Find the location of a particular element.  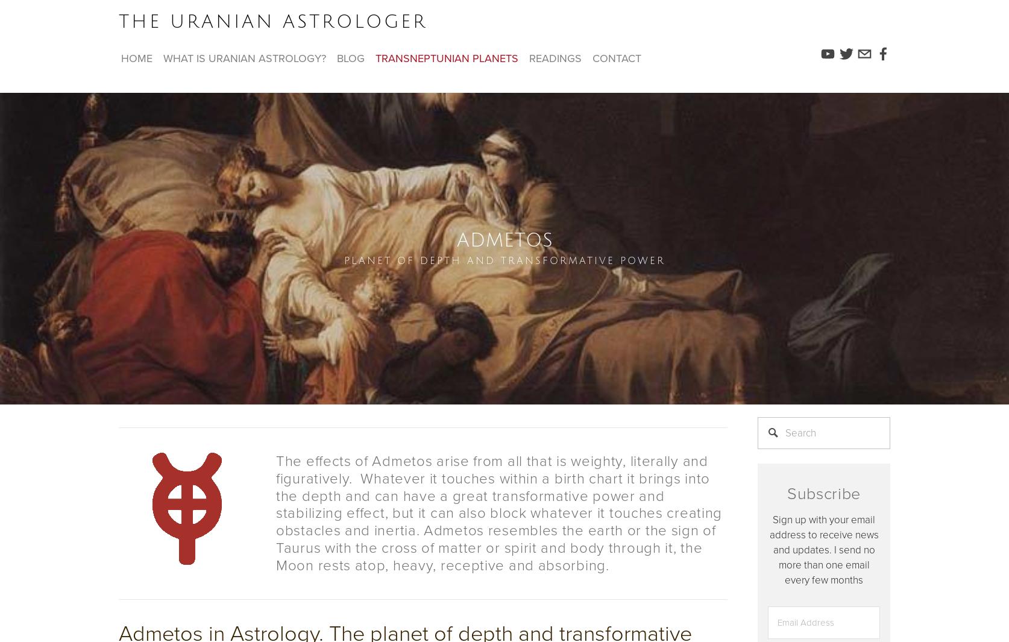

'readings' is located at coordinates (555, 58).